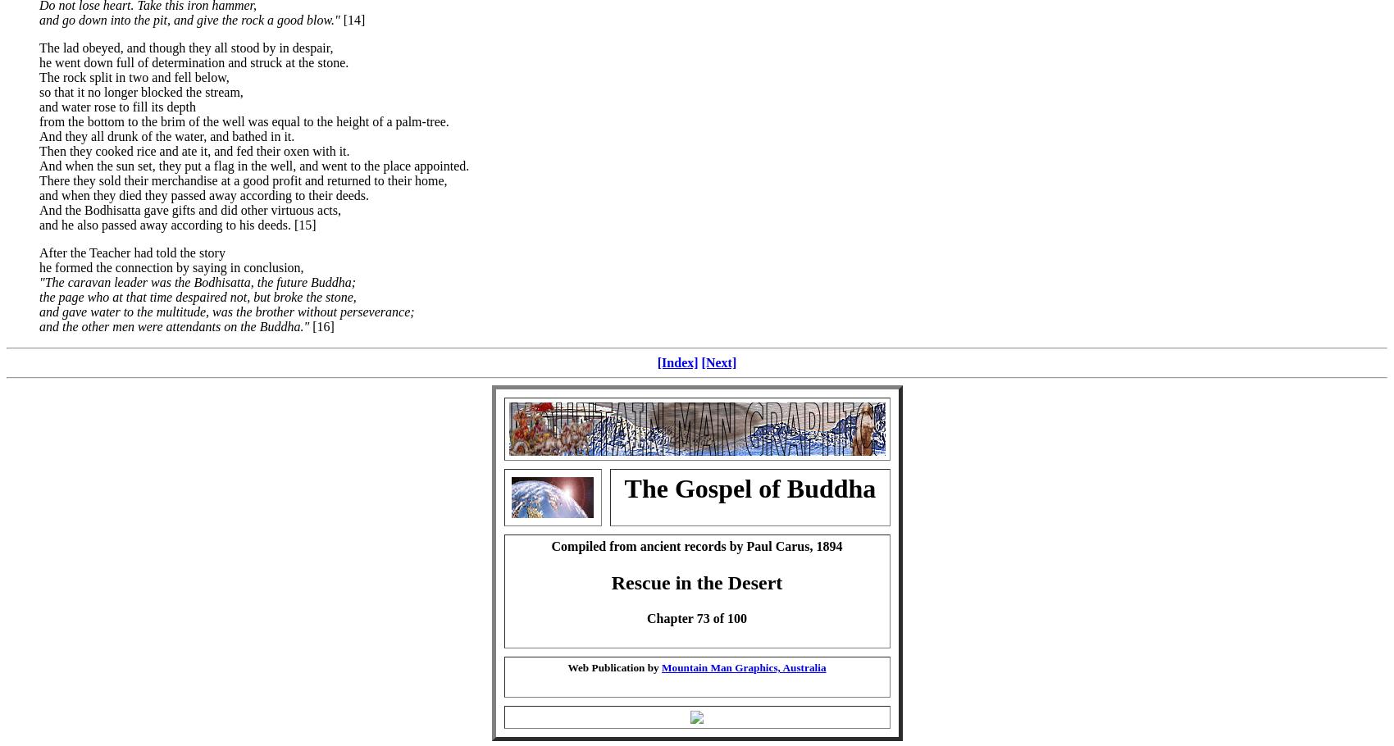 This screenshot has width=1394, height=746. Describe the element at coordinates (39, 266) in the screenshot. I see `'he formed the  connection  by saying  in  conclusion,'` at that location.